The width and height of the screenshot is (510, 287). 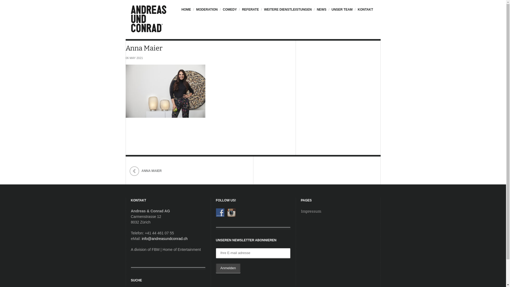 What do you see at coordinates (206, 12) in the screenshot?
I see `'MODERATION'` at bounding box center [206, 12].